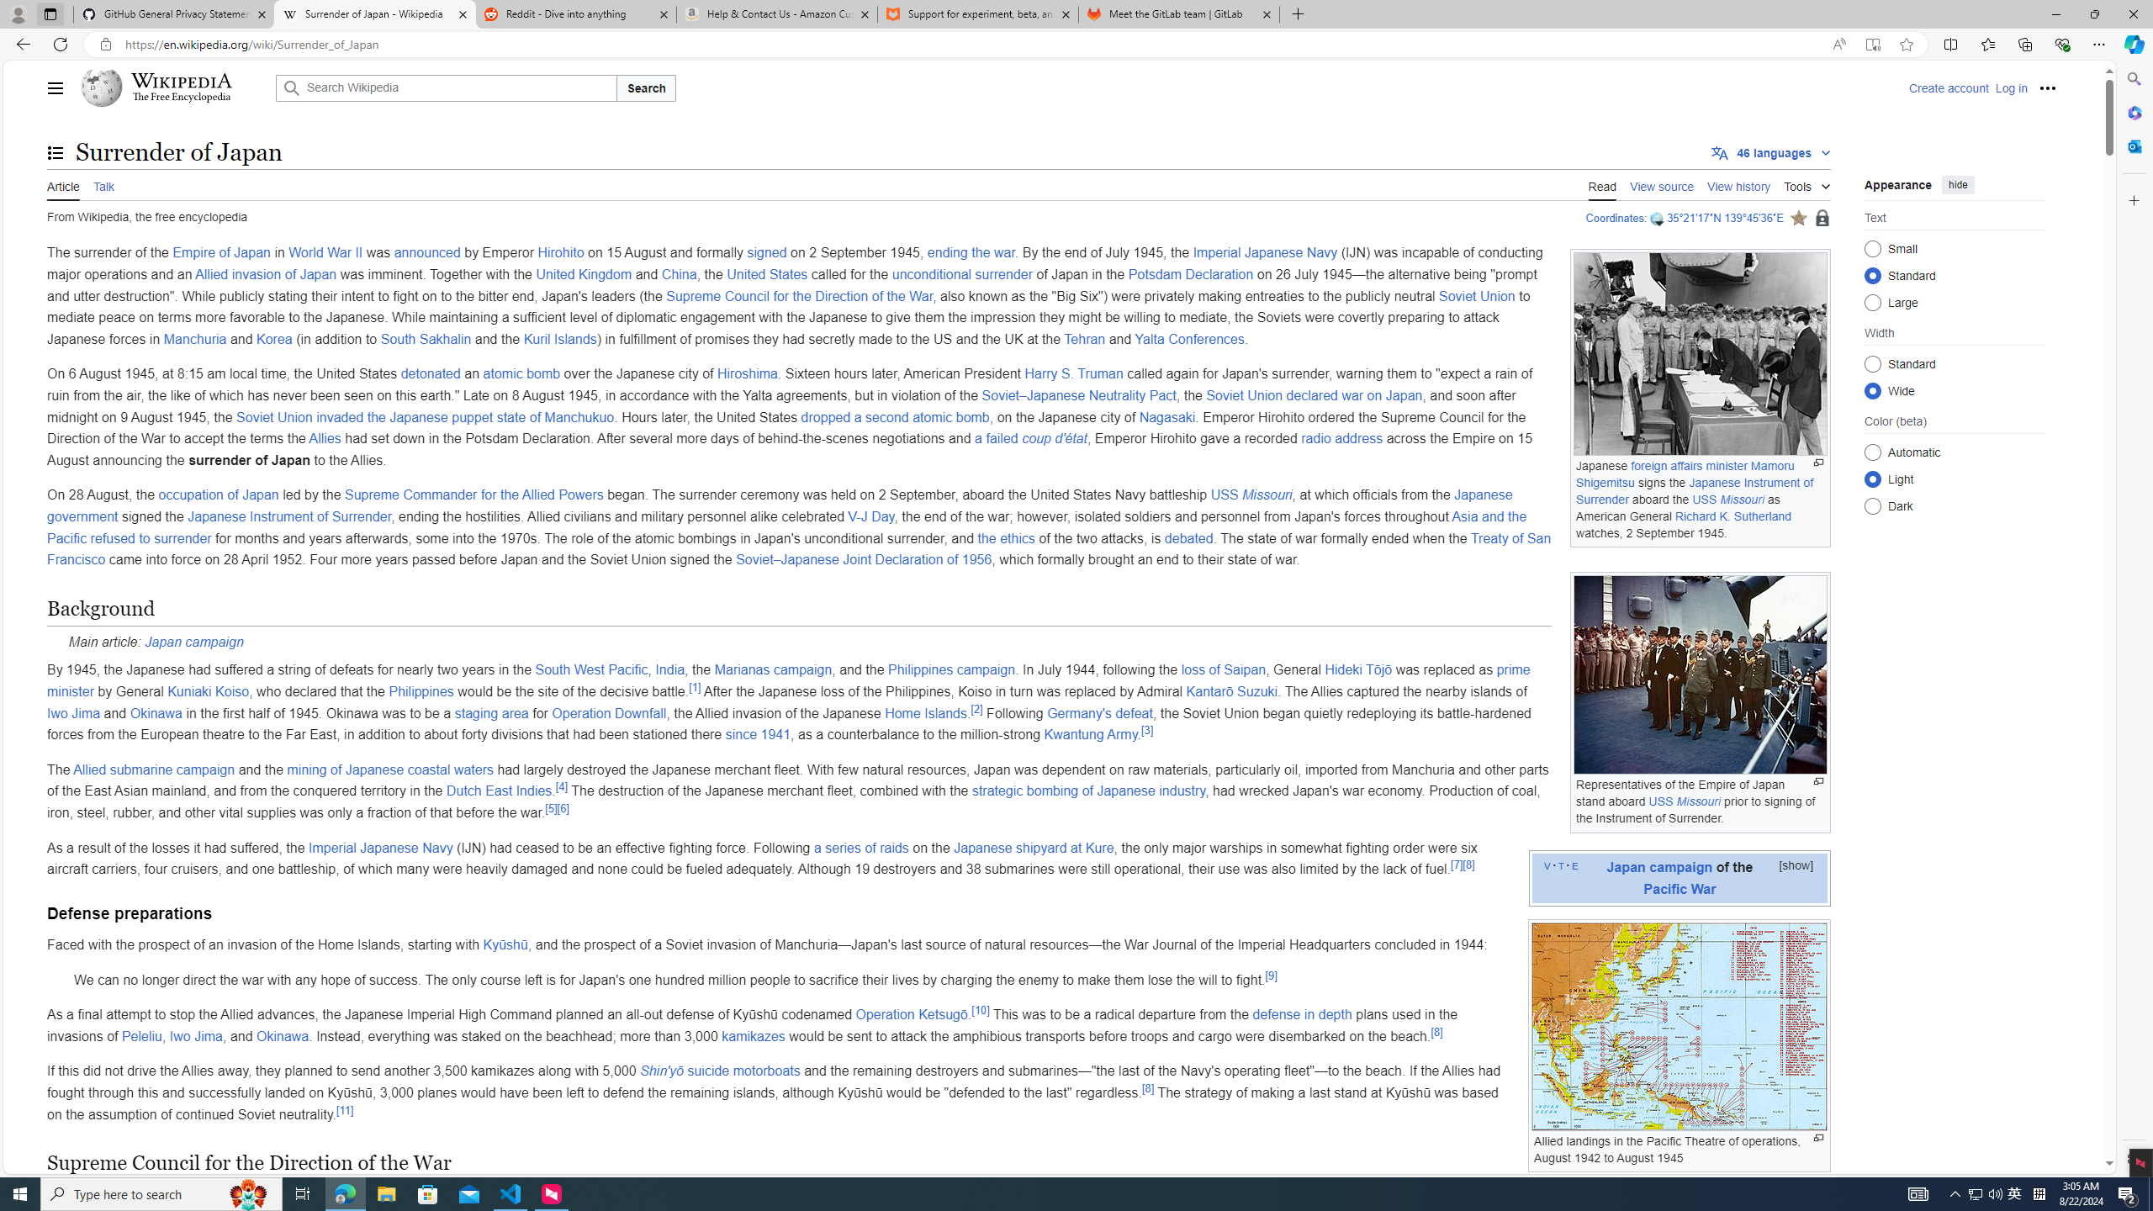 This screenshot has height=1211, width=2153. Describe the element at coordinates (373, 13) in the screenshot. I see `'Surrender of Japan - Wikipedia'` at that location.